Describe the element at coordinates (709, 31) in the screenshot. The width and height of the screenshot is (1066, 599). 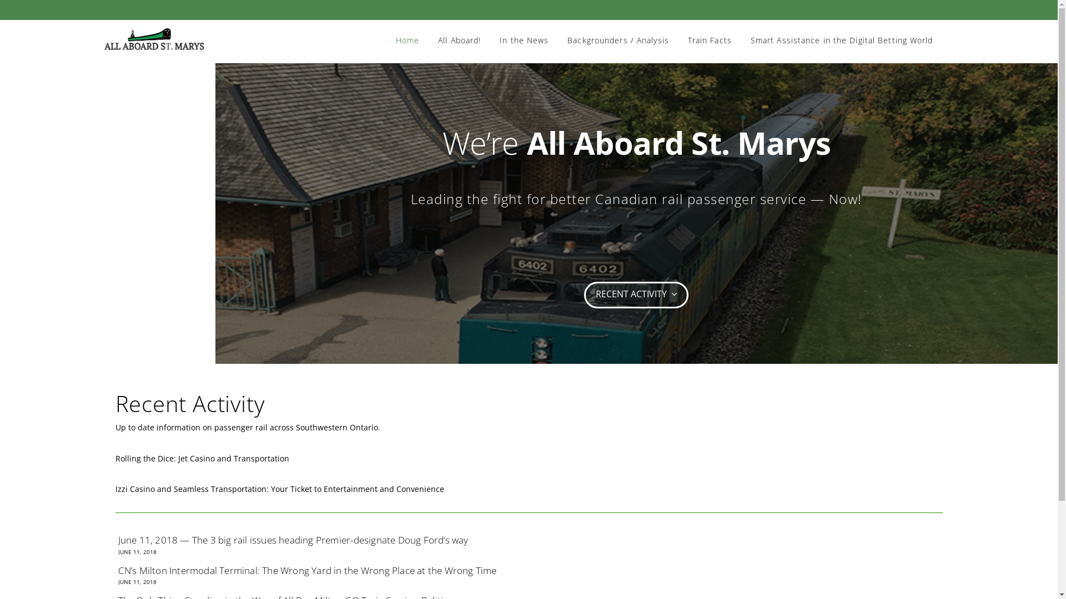
I see `'Train Facts'` at that location.